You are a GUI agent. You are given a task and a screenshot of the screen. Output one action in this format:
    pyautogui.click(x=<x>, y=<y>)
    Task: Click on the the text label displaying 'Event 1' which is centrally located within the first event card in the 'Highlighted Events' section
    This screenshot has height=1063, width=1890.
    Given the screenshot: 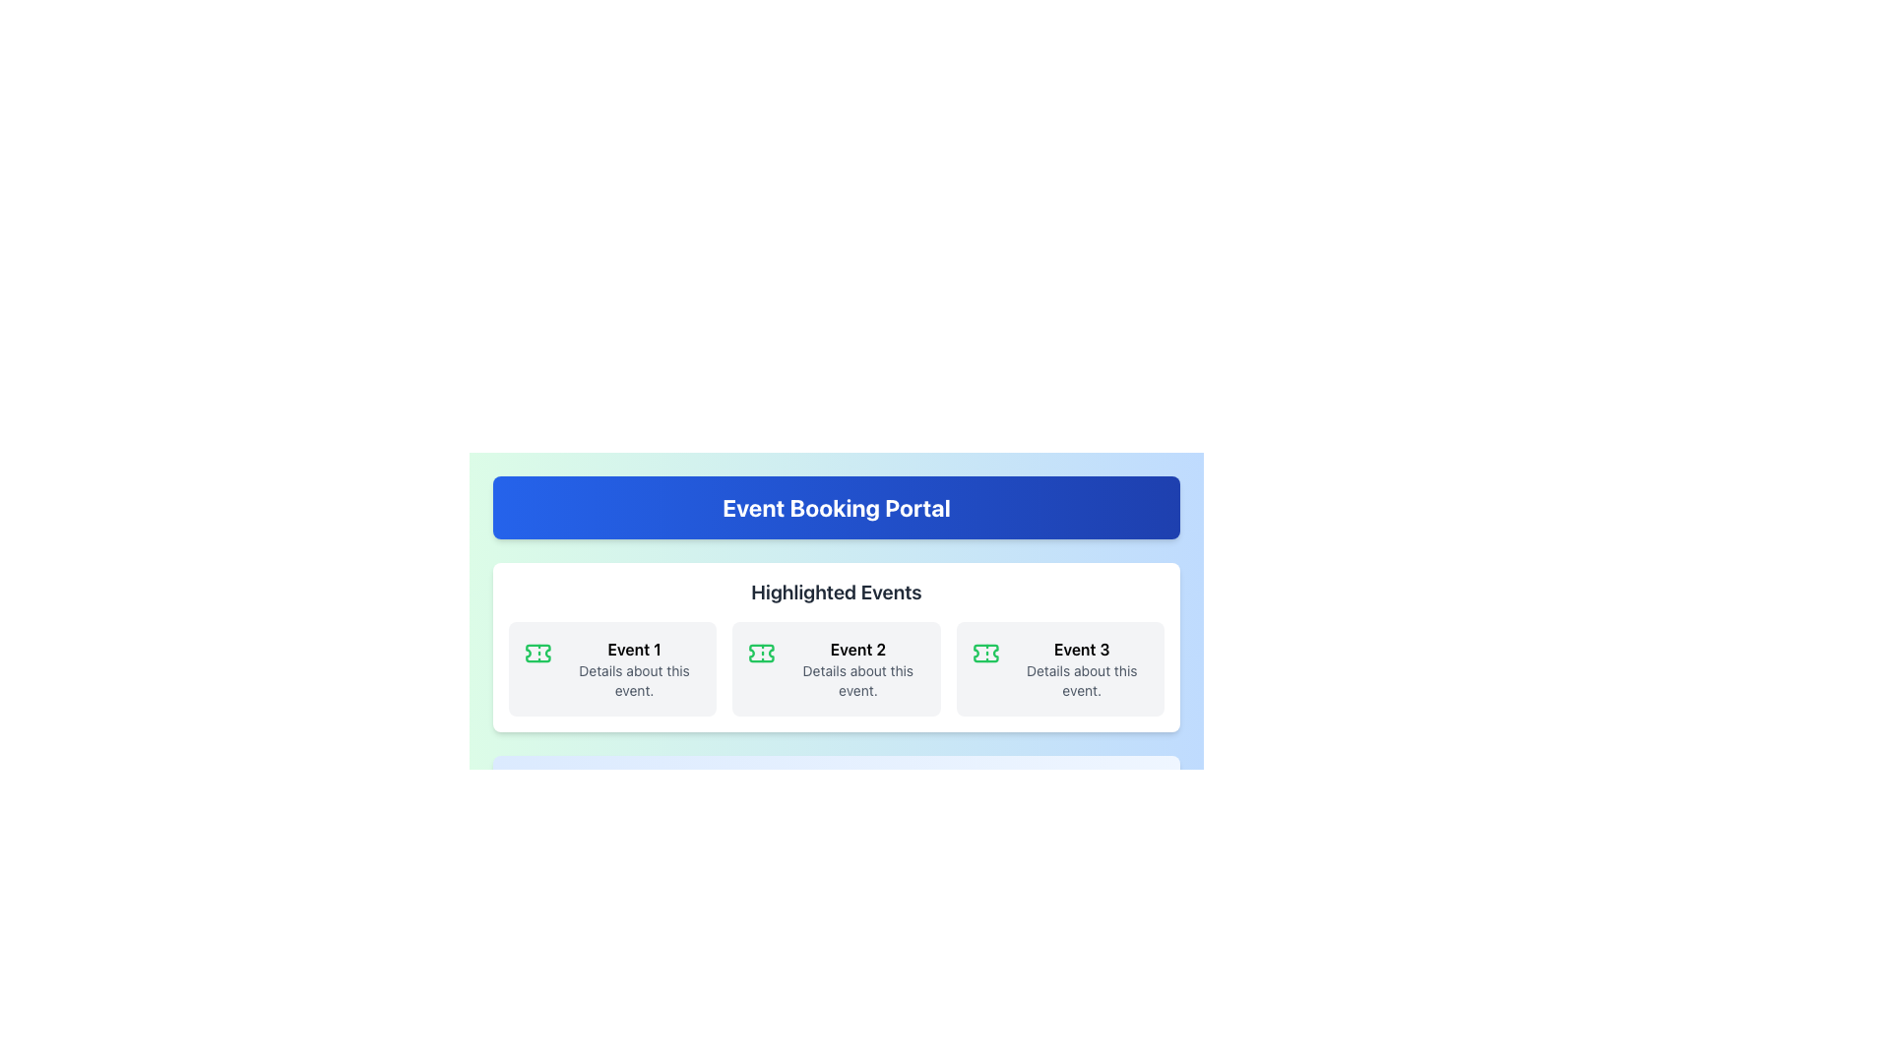 What is the action you would take?
    pyautogui.click(x=634, y=649)
    